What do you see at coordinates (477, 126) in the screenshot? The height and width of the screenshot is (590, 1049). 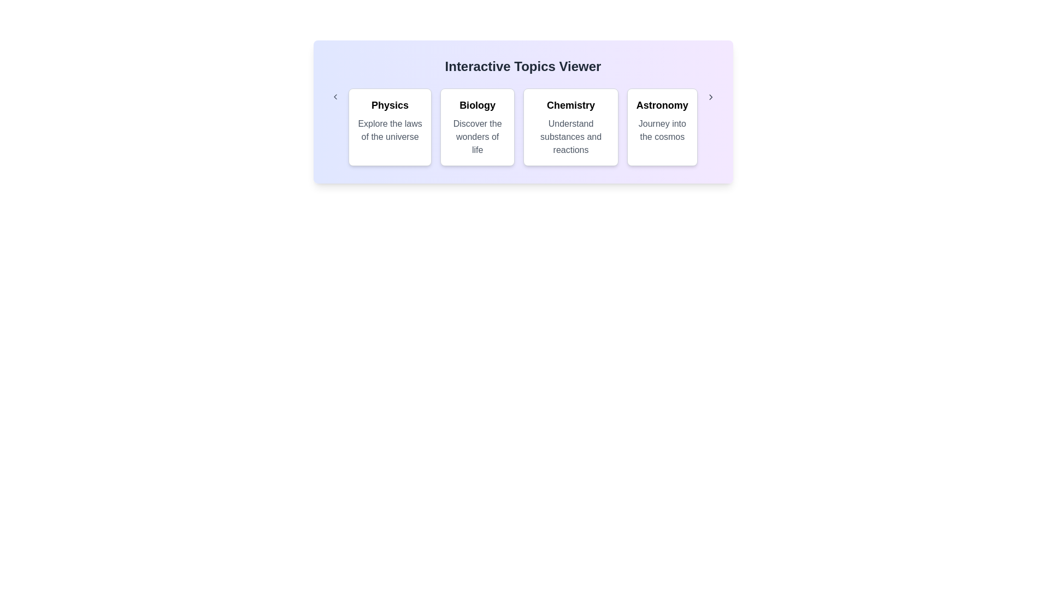 I see `the category Biology to observe the hover effect` at bounding box center [477, 126].